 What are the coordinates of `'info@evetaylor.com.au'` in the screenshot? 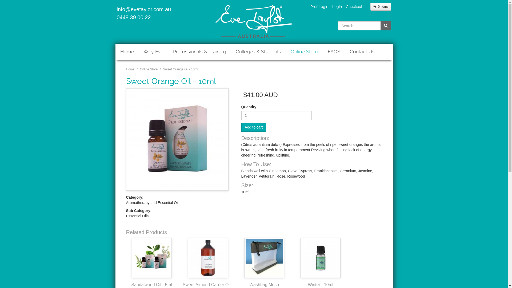 It's located at (144, 9).